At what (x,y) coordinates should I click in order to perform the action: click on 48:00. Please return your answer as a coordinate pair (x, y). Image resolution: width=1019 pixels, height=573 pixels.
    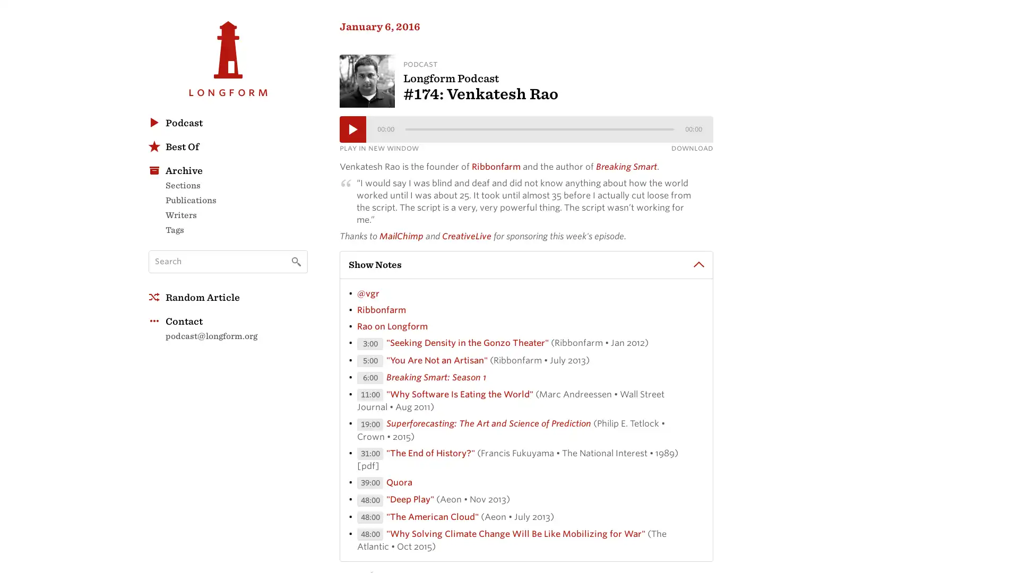
    Looking at the image, I should click on (370, 519).